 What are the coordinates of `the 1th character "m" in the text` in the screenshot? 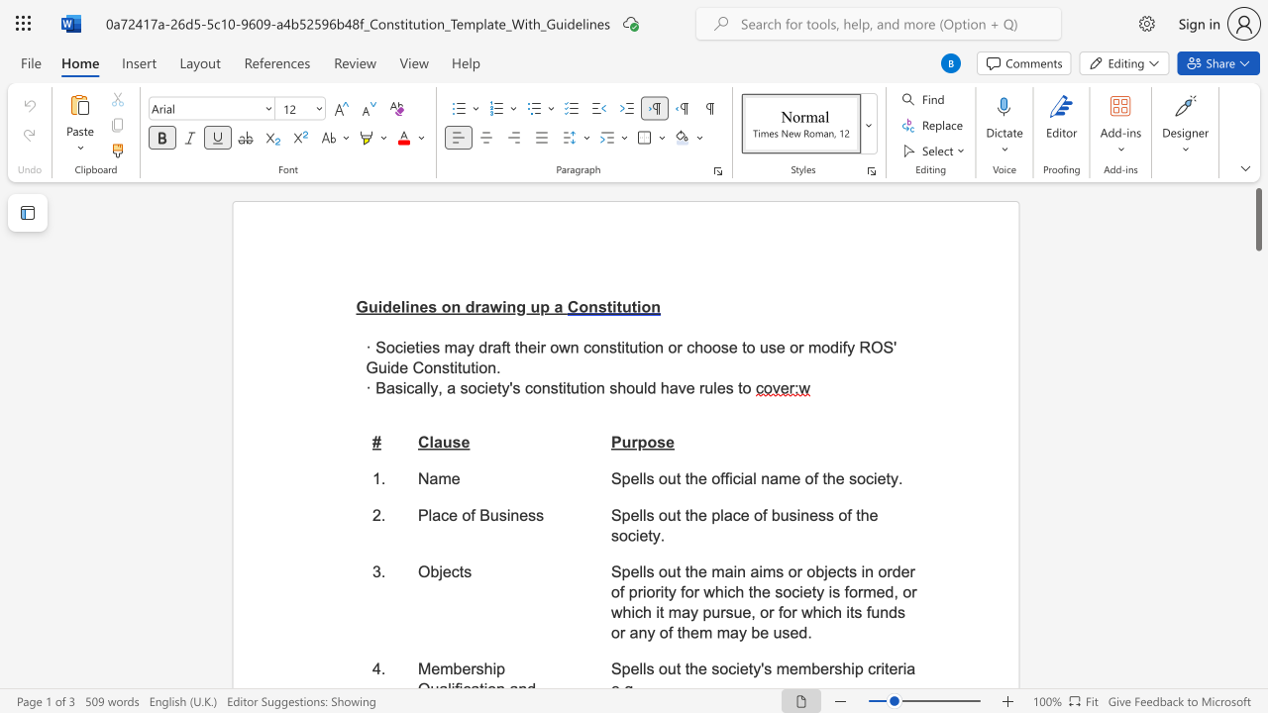 It's located at (450, 347).